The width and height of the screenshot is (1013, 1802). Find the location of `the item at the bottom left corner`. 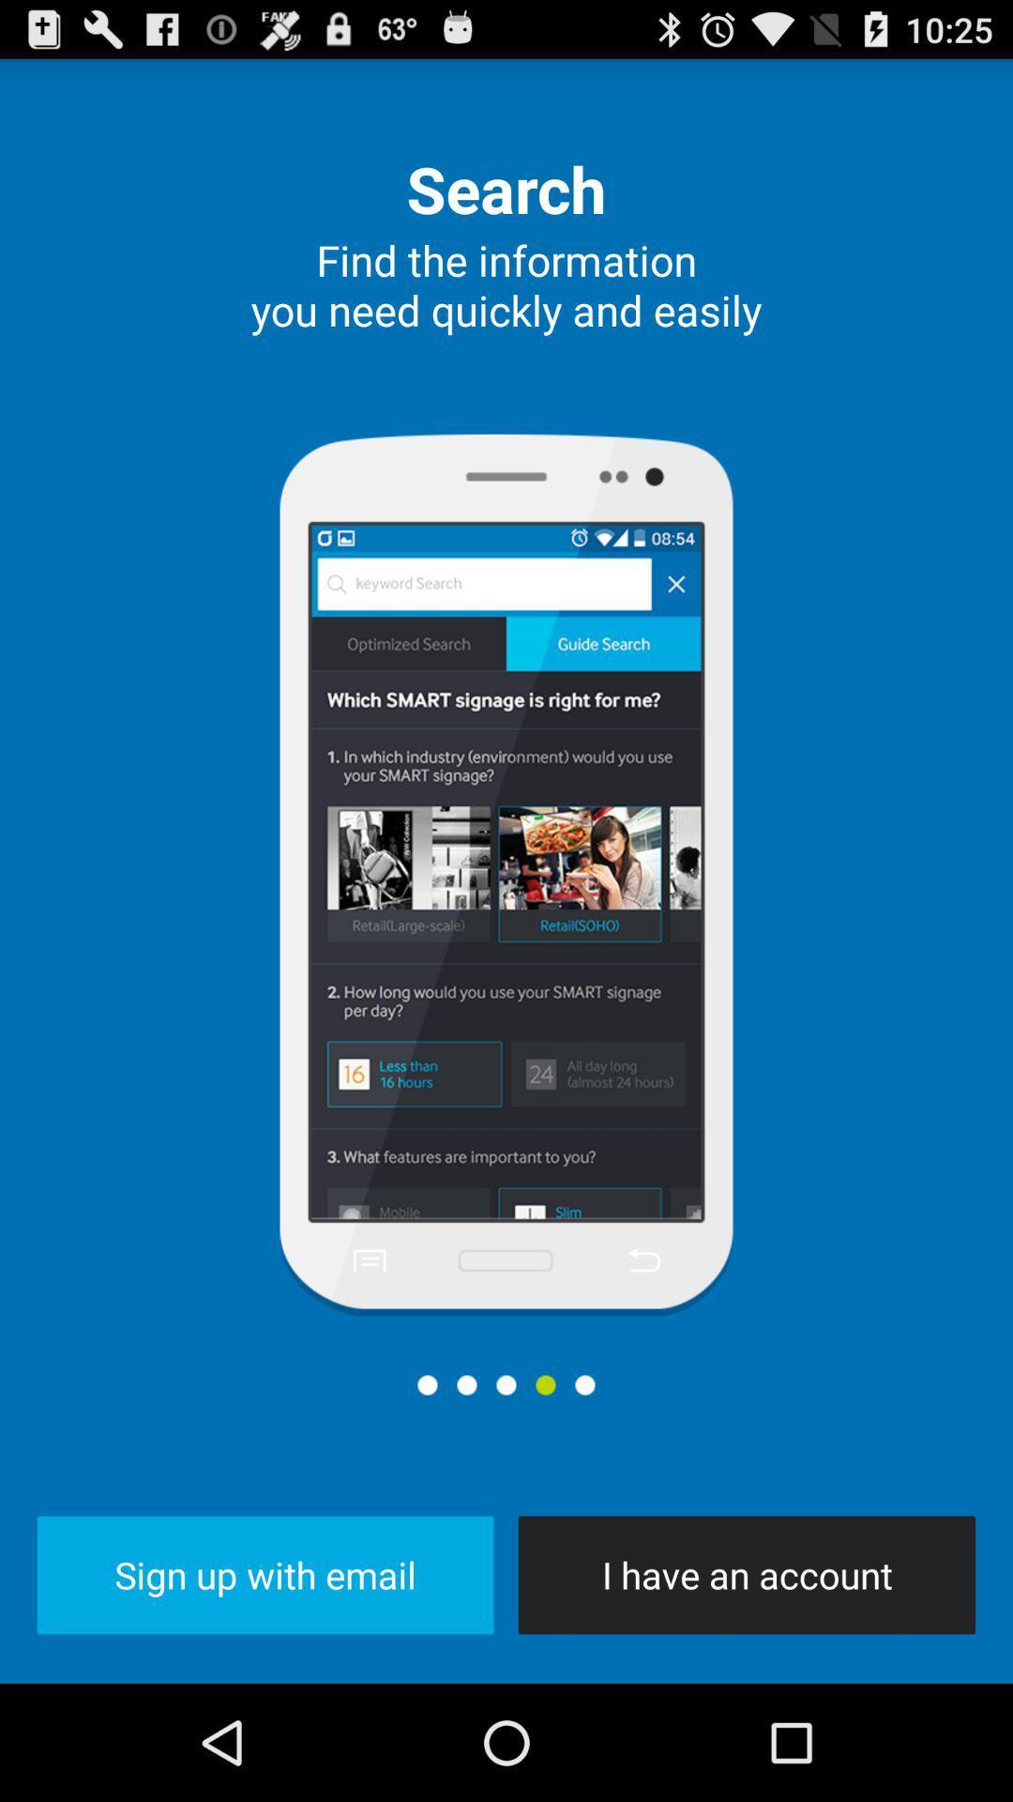

the item at the bottom left corner is located at coordinates (265, 1575).